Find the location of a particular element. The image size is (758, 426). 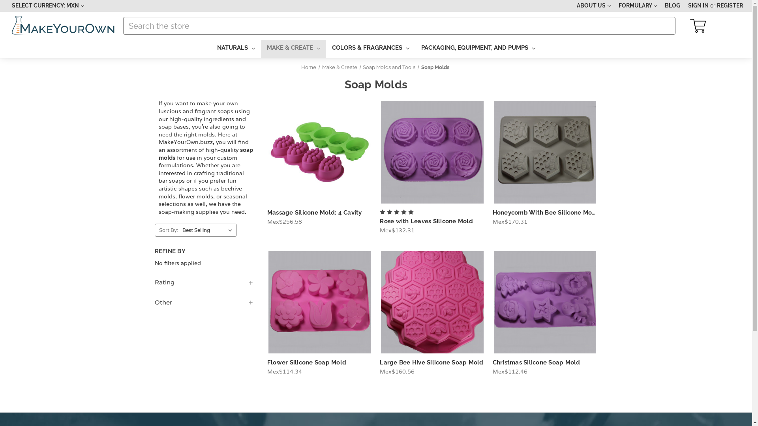

'Large Bee Hive Silicone Soap Mold Outside' is located at coordinates (432, 302).